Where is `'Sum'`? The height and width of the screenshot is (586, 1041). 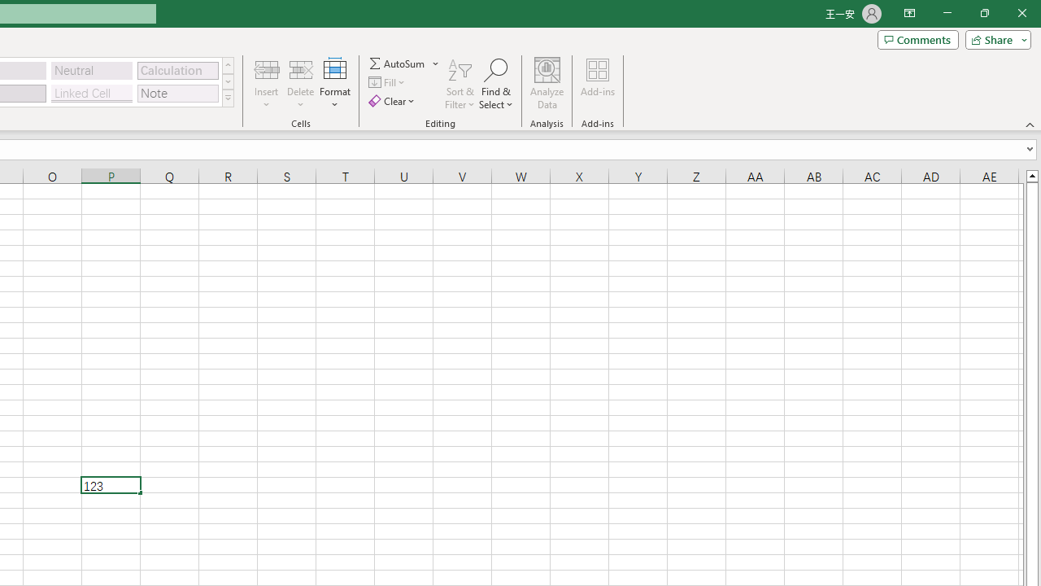 'Sum' is located at coordinates (398, 63).